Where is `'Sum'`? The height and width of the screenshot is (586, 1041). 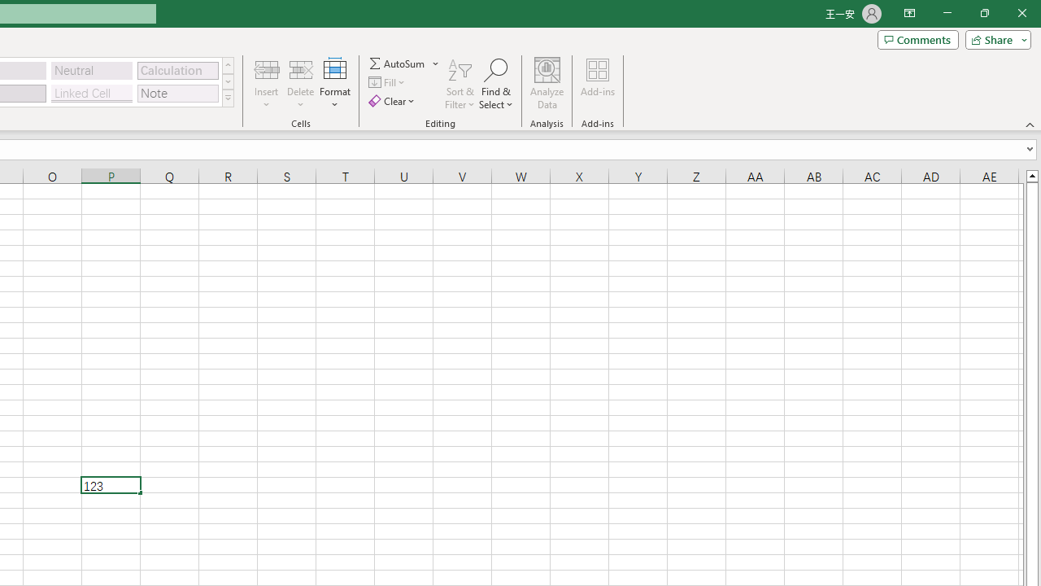 'Sum' is located at coordinates (398, 63).